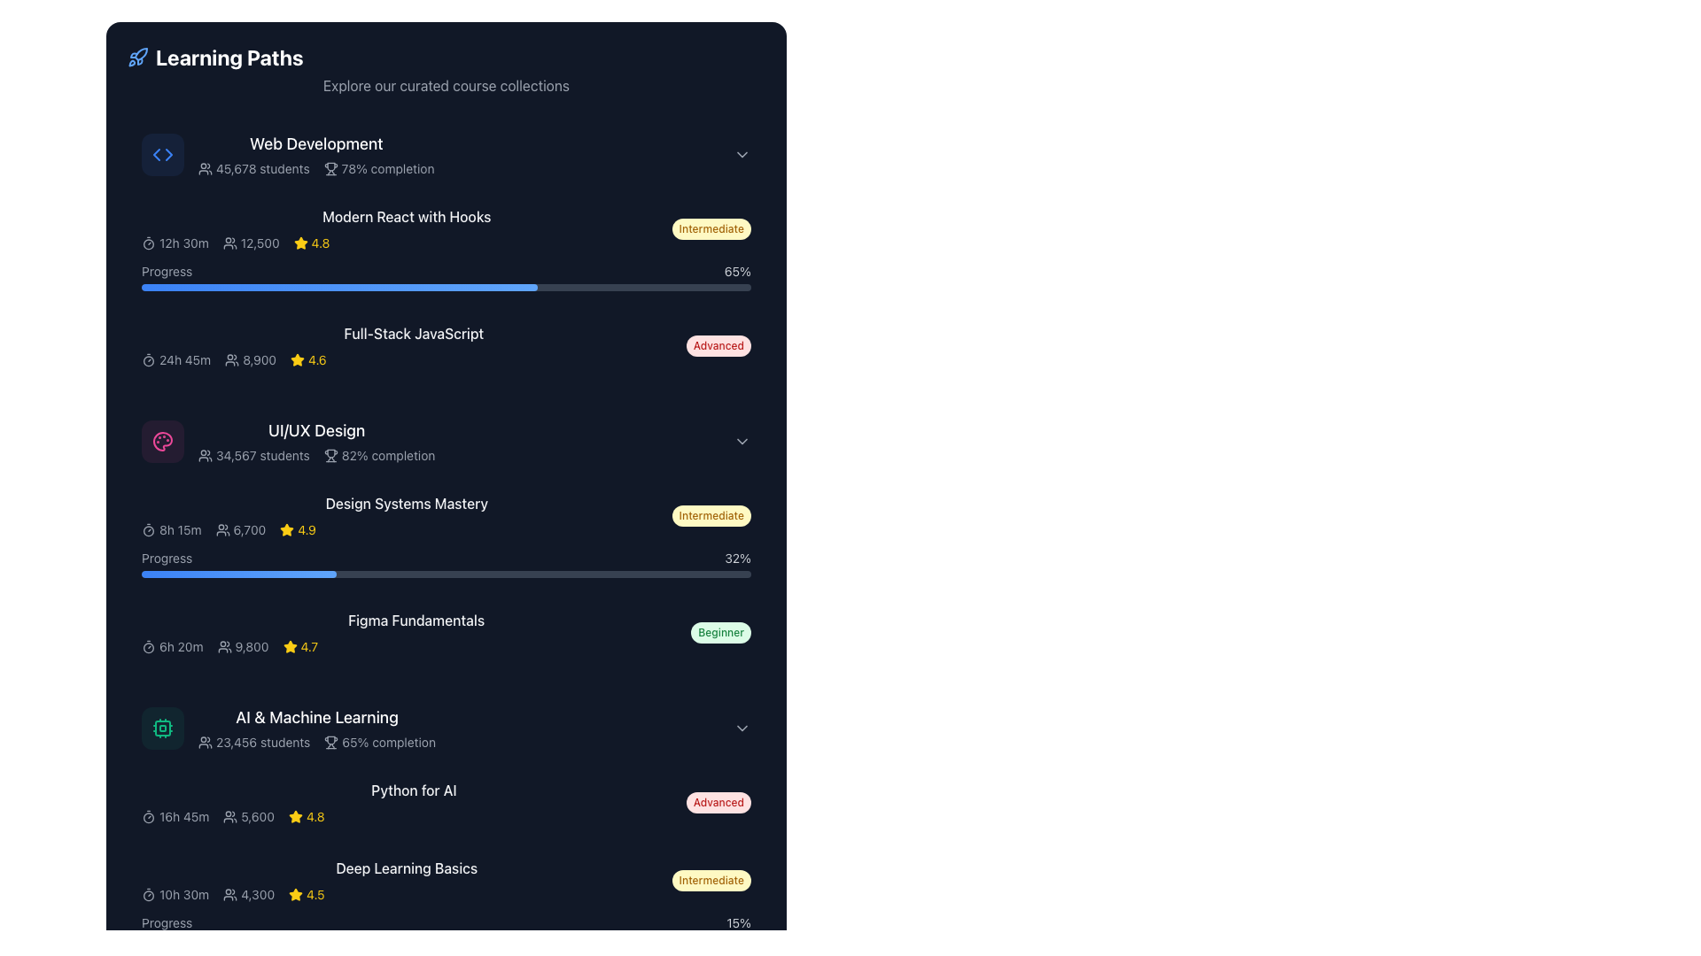  What do you see at coordinates (162, 440) in the screenshot?
I see `graphical icon representing the UI/UX Design course located to the left of the course title and metadata` at bounding box center [162, 440].